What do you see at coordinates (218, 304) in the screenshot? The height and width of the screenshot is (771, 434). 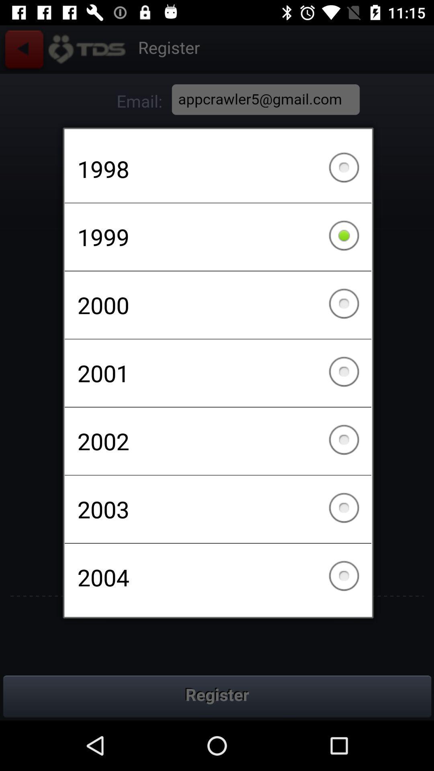 I see `the checkbox above the 2001 icon` at bounding box center [218, 304].